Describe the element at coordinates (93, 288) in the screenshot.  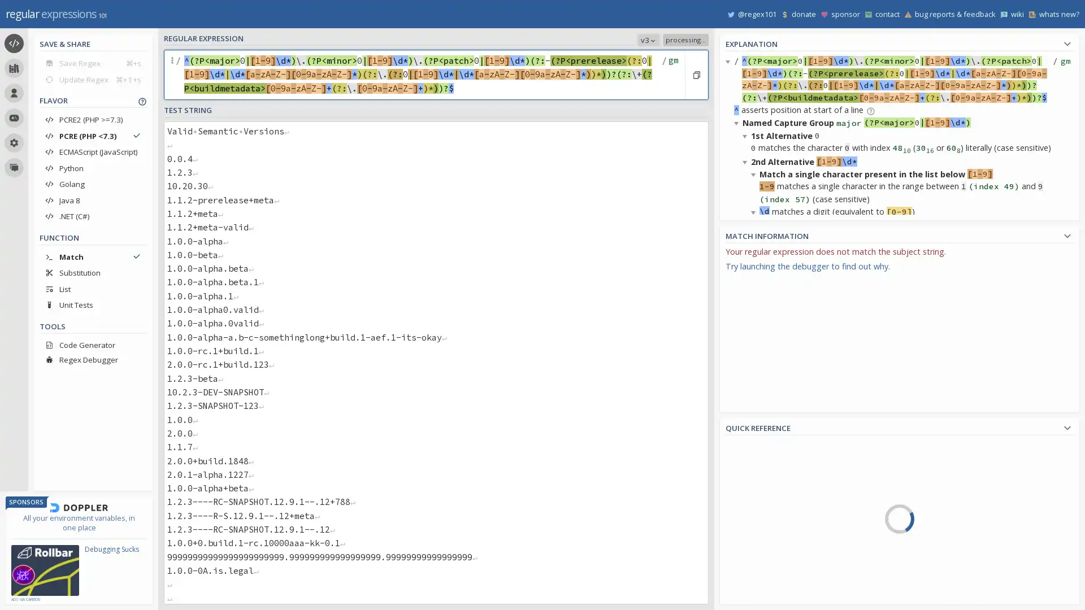
I see `List` at that location.